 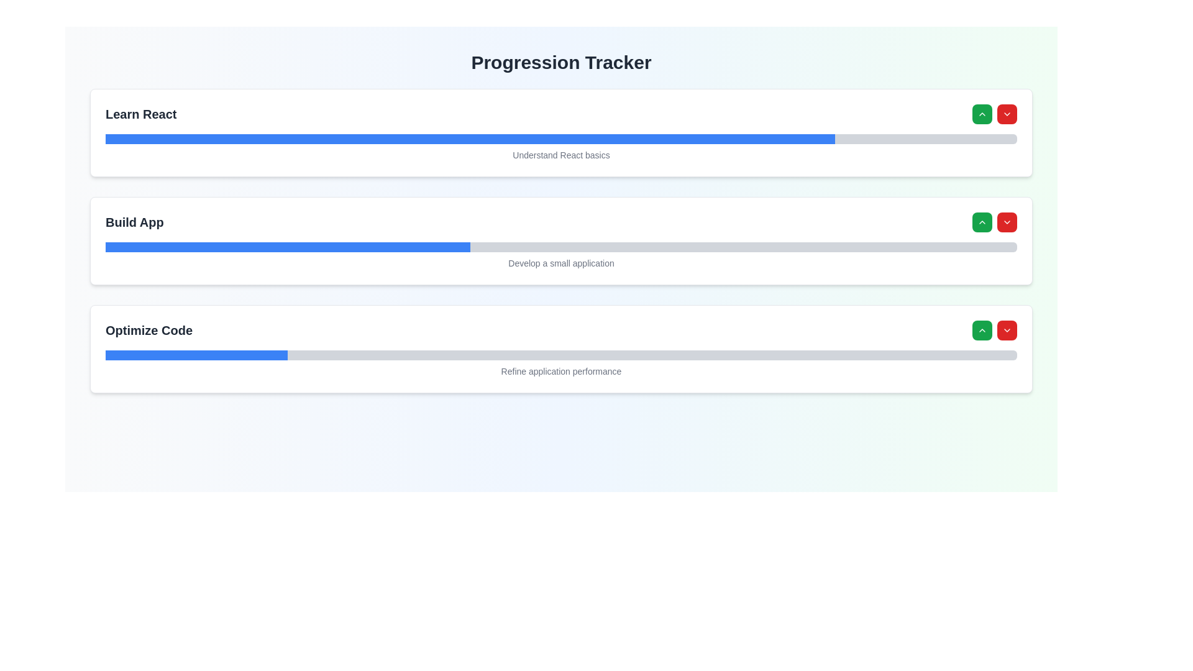 What do you see at coordinates (981, 222) in the screenshot?
I see `the green button with rounded corners and a white text, located on the far left of the horizontal control panel` at bounding box center [981, 222].